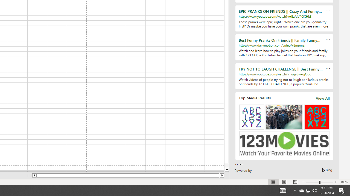 The image size is (350, 196). I want to click on 'User Promoted Notification Area', so click(308, 190).